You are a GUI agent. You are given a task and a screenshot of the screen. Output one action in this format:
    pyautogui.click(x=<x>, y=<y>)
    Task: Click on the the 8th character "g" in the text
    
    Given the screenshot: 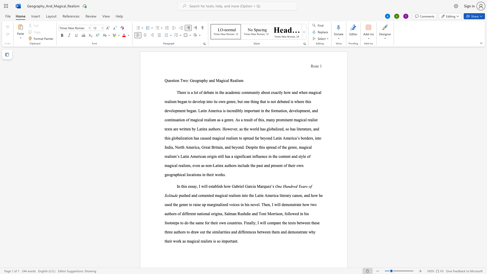 What is the action you would take?
    pyautogui.click(x=300, y=120)
    